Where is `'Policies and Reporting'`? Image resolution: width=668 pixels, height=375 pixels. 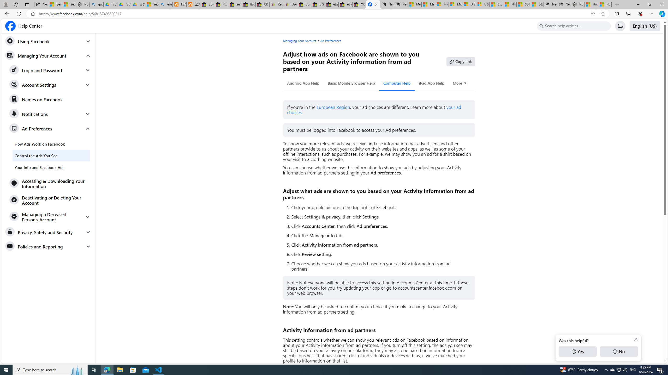 'Policies and Reporting' is located at coordinates (48, 246).